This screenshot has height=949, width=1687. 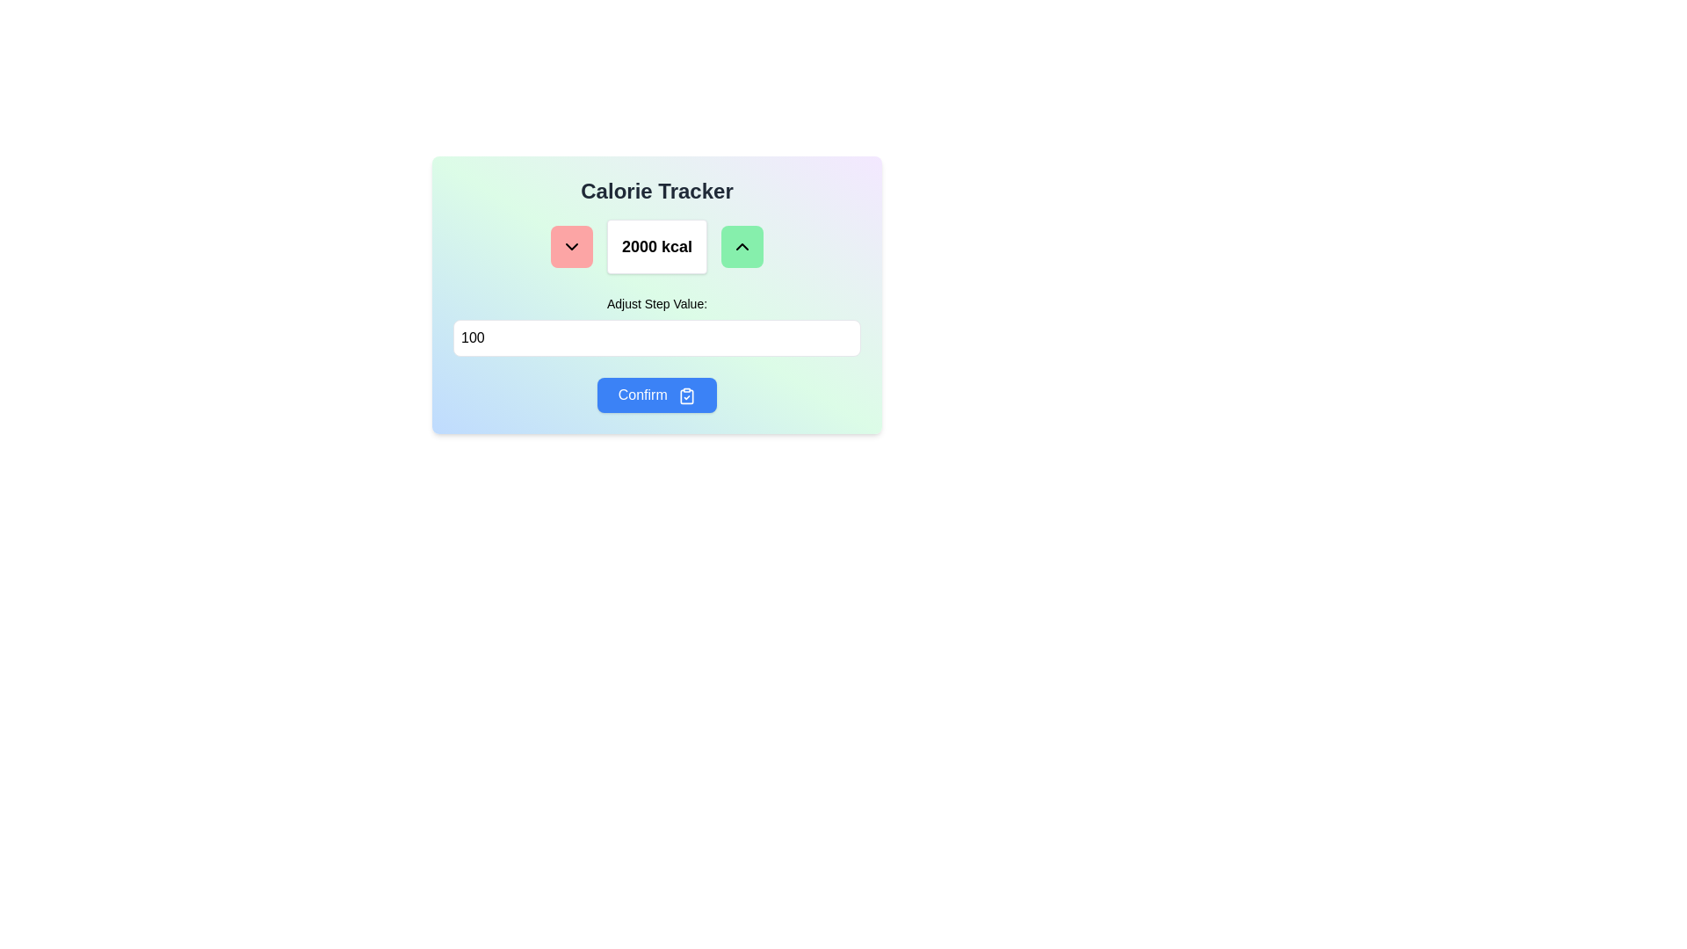 What do you see at coordinates (656, 325) in the screenshot?
I see `the input field labeled 'Adjust Step Value:' by using the tab key` at bounding box center [656, 325].